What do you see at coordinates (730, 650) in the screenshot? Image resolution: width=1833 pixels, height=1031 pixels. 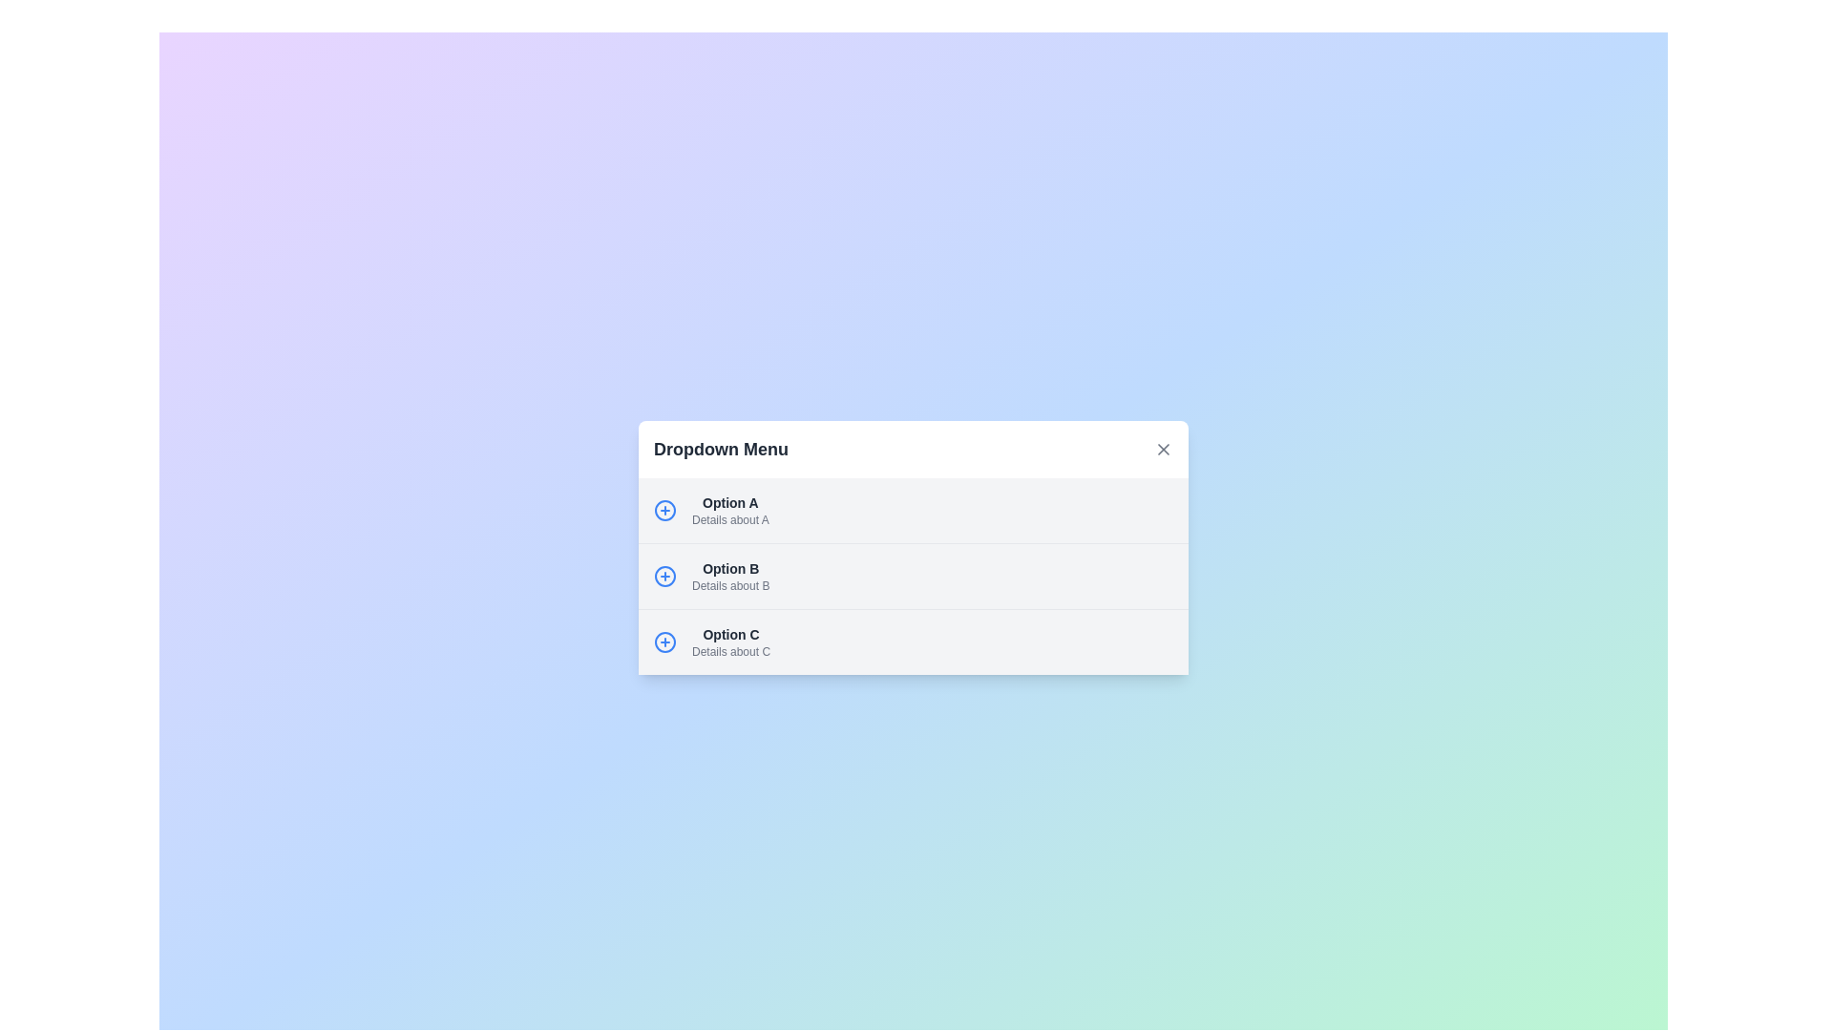 I see `the explanatory subtitle text label located below 'Option C' in the dropdown menu interface` at bounding box center [730, 650].